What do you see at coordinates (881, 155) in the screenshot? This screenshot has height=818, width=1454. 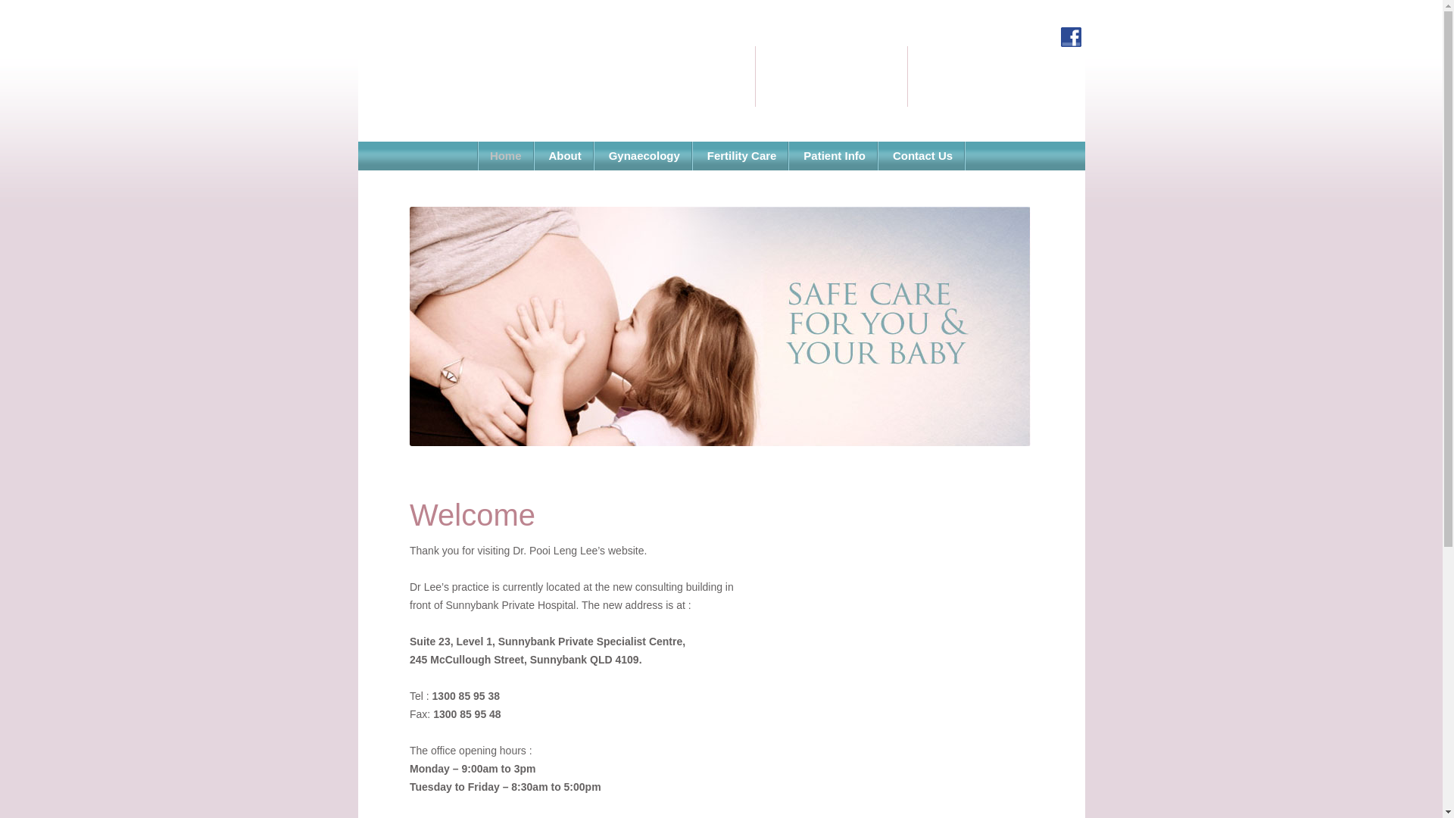 I see `'Contact Us'` at bounding box center [881, 155].